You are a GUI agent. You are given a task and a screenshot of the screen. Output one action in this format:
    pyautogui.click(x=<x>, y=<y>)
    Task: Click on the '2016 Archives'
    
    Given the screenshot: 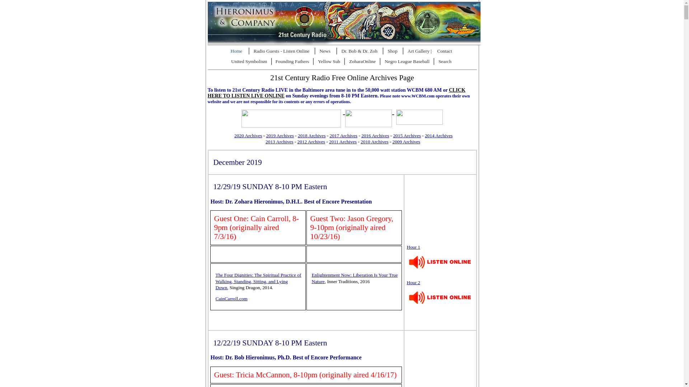 What is the action you would take?
    pyautogui.click(x=375, y=135)
    